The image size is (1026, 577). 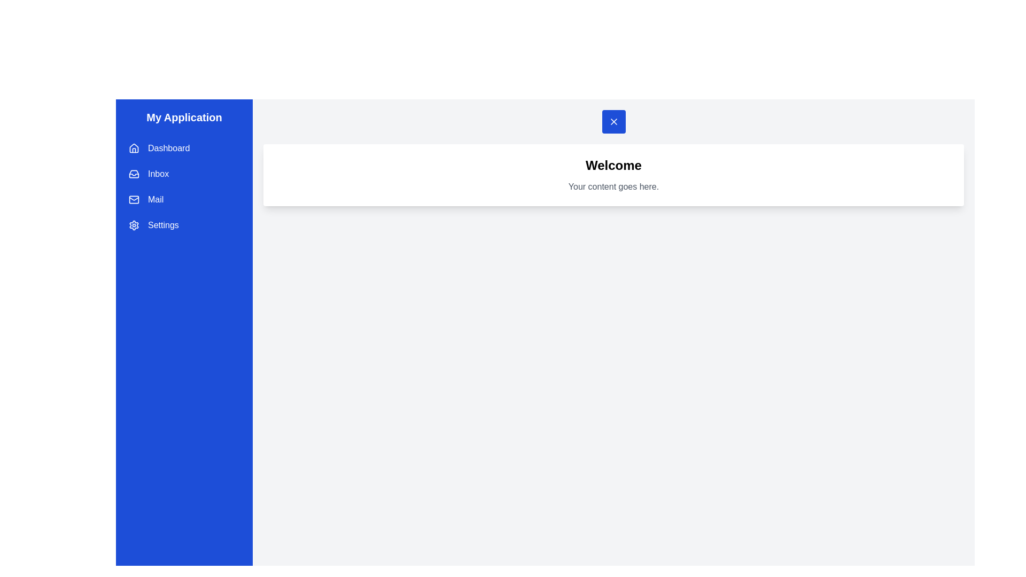 I want to click on the menu item Dashboard from the drawer, so click(x=184, y=148).